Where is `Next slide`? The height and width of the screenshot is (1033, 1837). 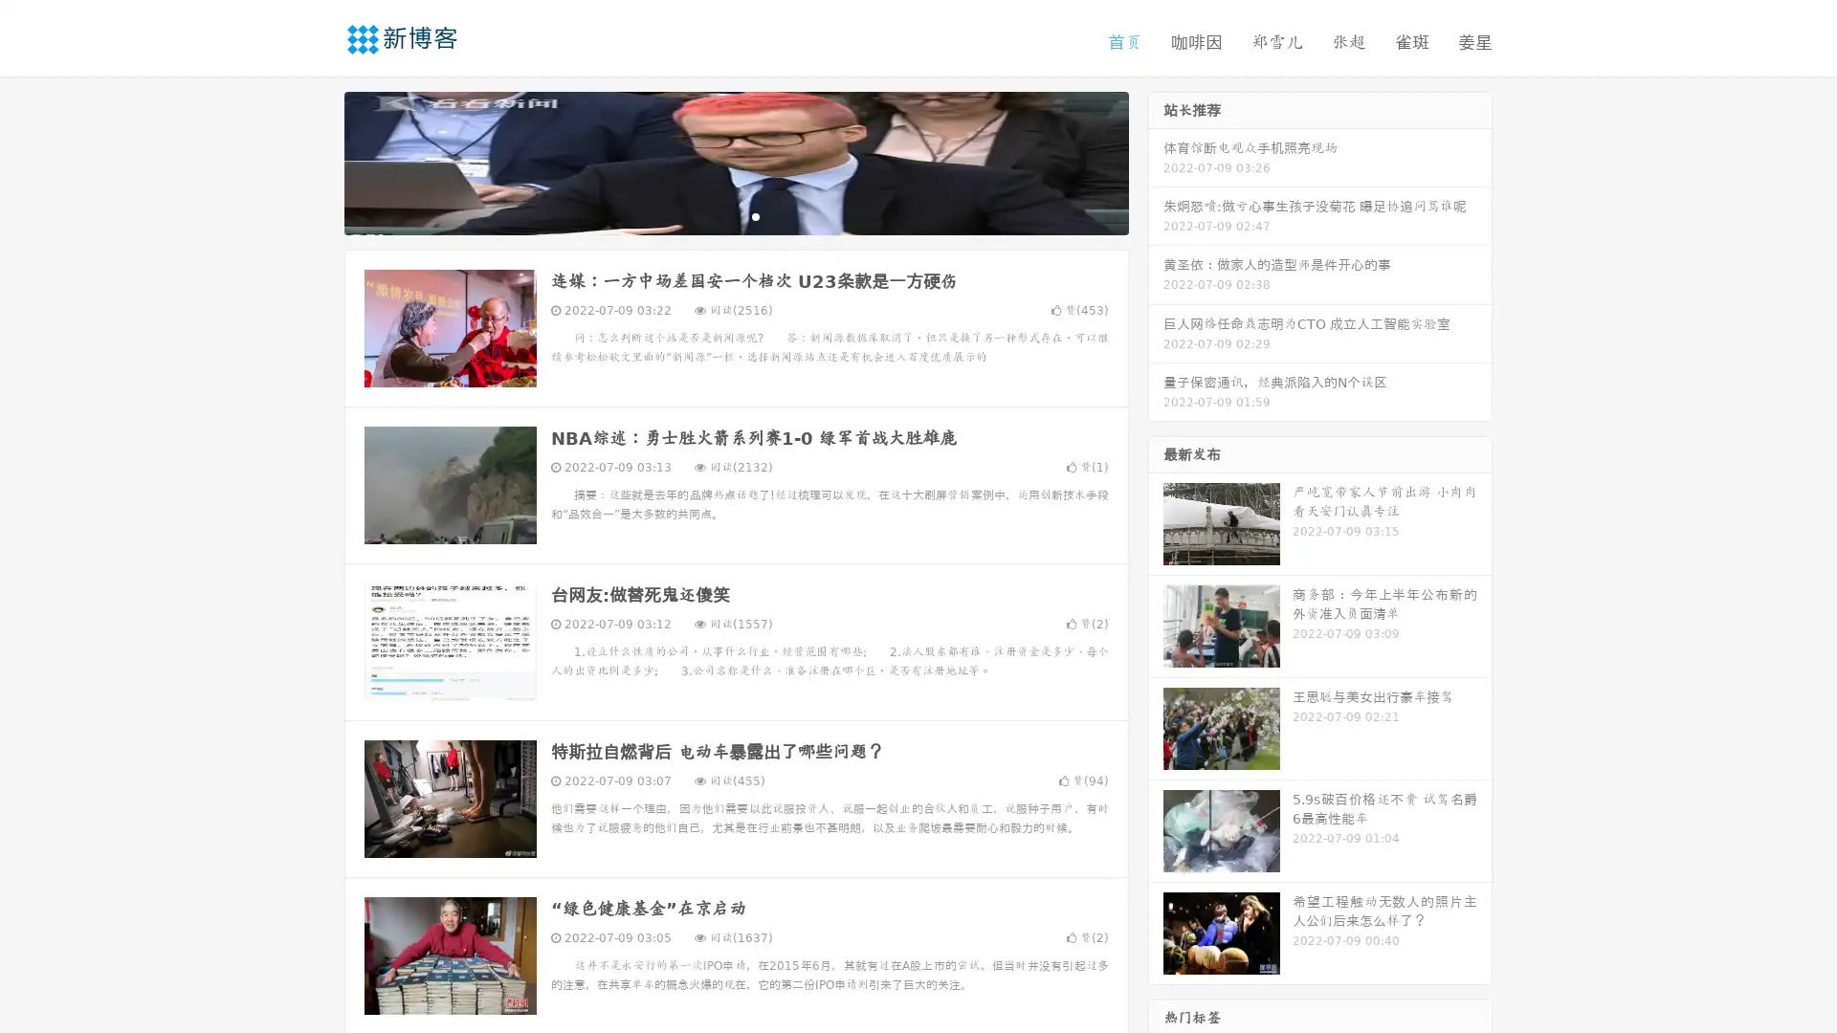
Next slide is located at coordinates (1156, 161).